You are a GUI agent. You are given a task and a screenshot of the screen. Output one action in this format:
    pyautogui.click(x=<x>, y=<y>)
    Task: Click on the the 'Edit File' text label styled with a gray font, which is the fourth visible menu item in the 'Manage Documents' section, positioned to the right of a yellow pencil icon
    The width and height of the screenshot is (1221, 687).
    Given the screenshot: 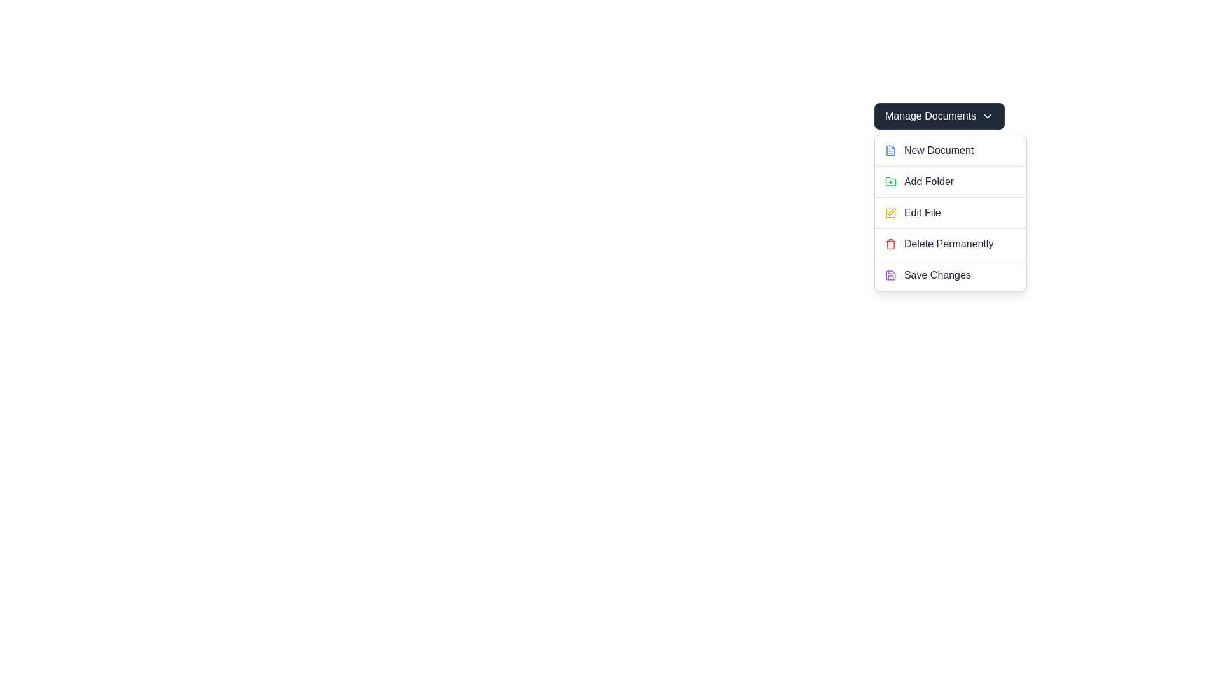 What is the action you would take?
    pyautogui.click(x=922, y=212)
    